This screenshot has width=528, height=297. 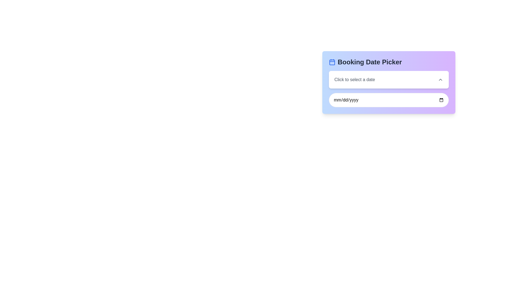 I want to click on the date selection icon located in the 'Booking Date Picker' section, positioned to the left of the 'Booking Date Picker' title, so click(x=332, y=62).